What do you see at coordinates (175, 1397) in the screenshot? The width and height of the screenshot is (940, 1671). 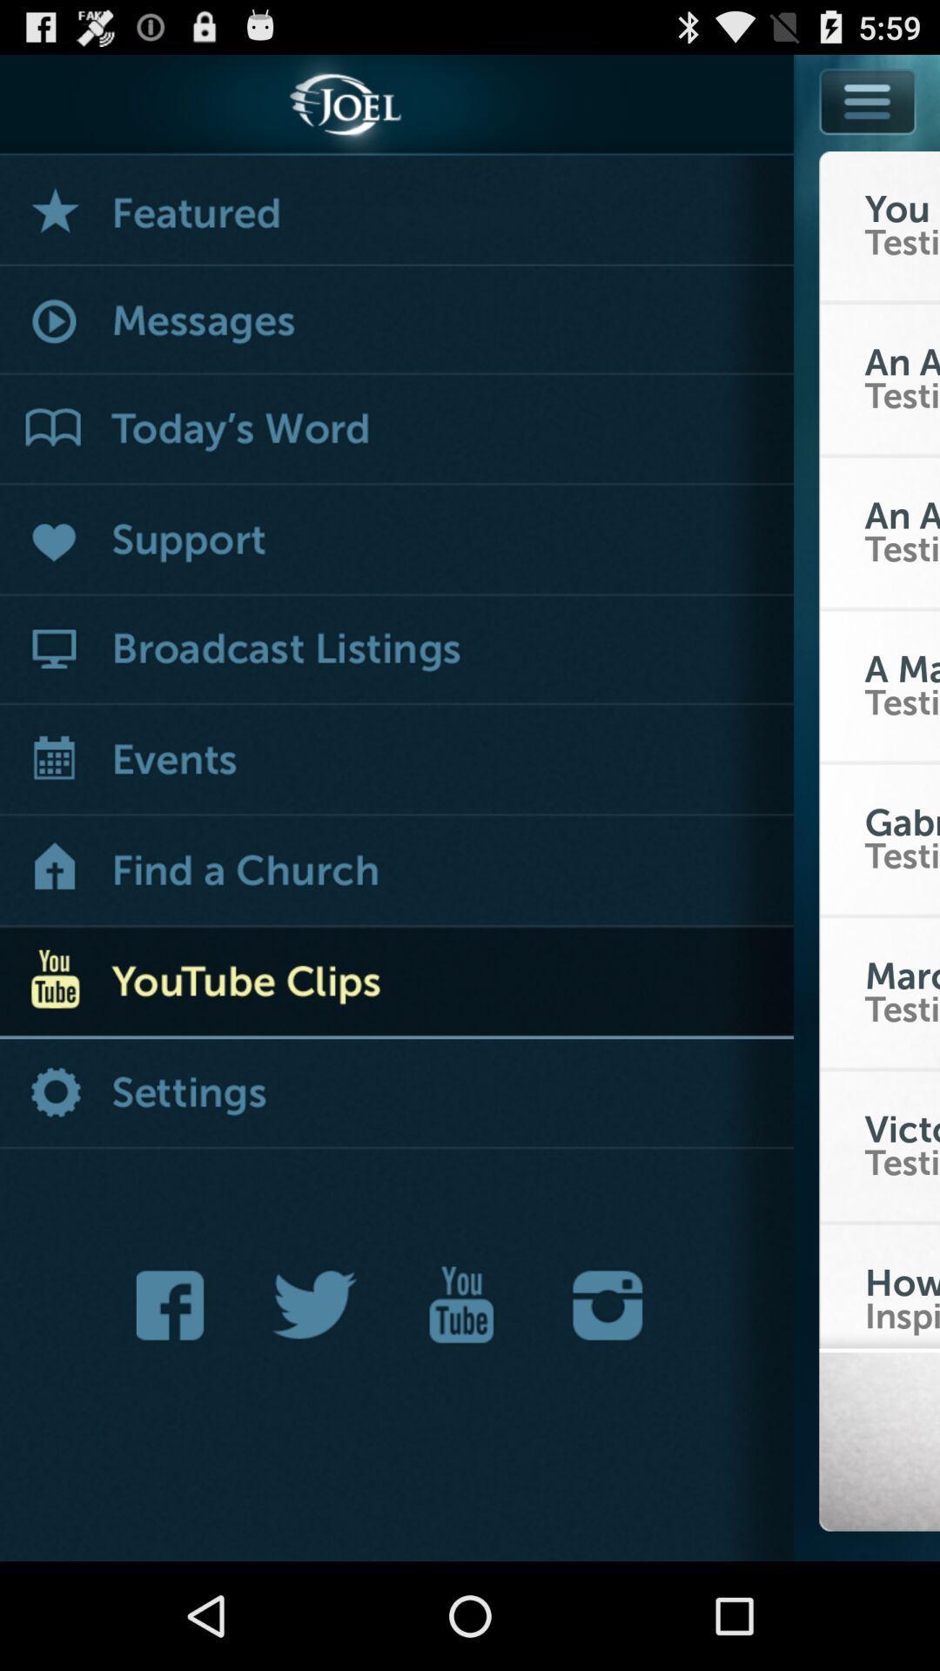 I see `the facebook icon` at bounding box center [175, 1397].